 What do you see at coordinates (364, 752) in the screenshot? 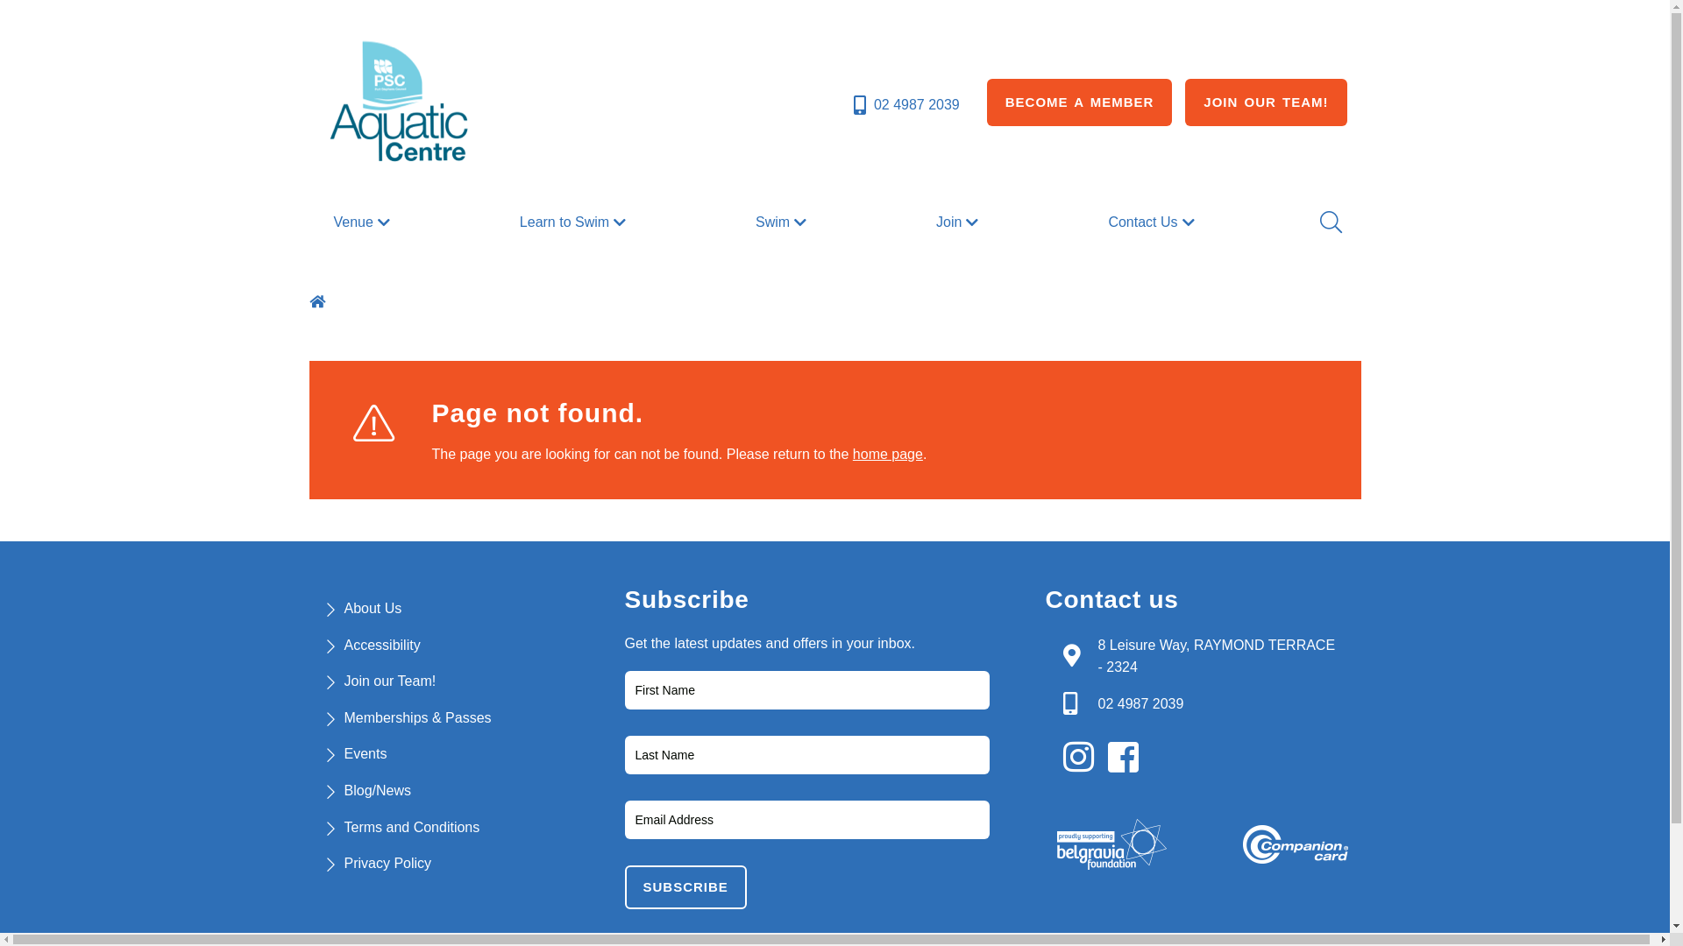
I see `'Events'` at bounding box center [364, 752].